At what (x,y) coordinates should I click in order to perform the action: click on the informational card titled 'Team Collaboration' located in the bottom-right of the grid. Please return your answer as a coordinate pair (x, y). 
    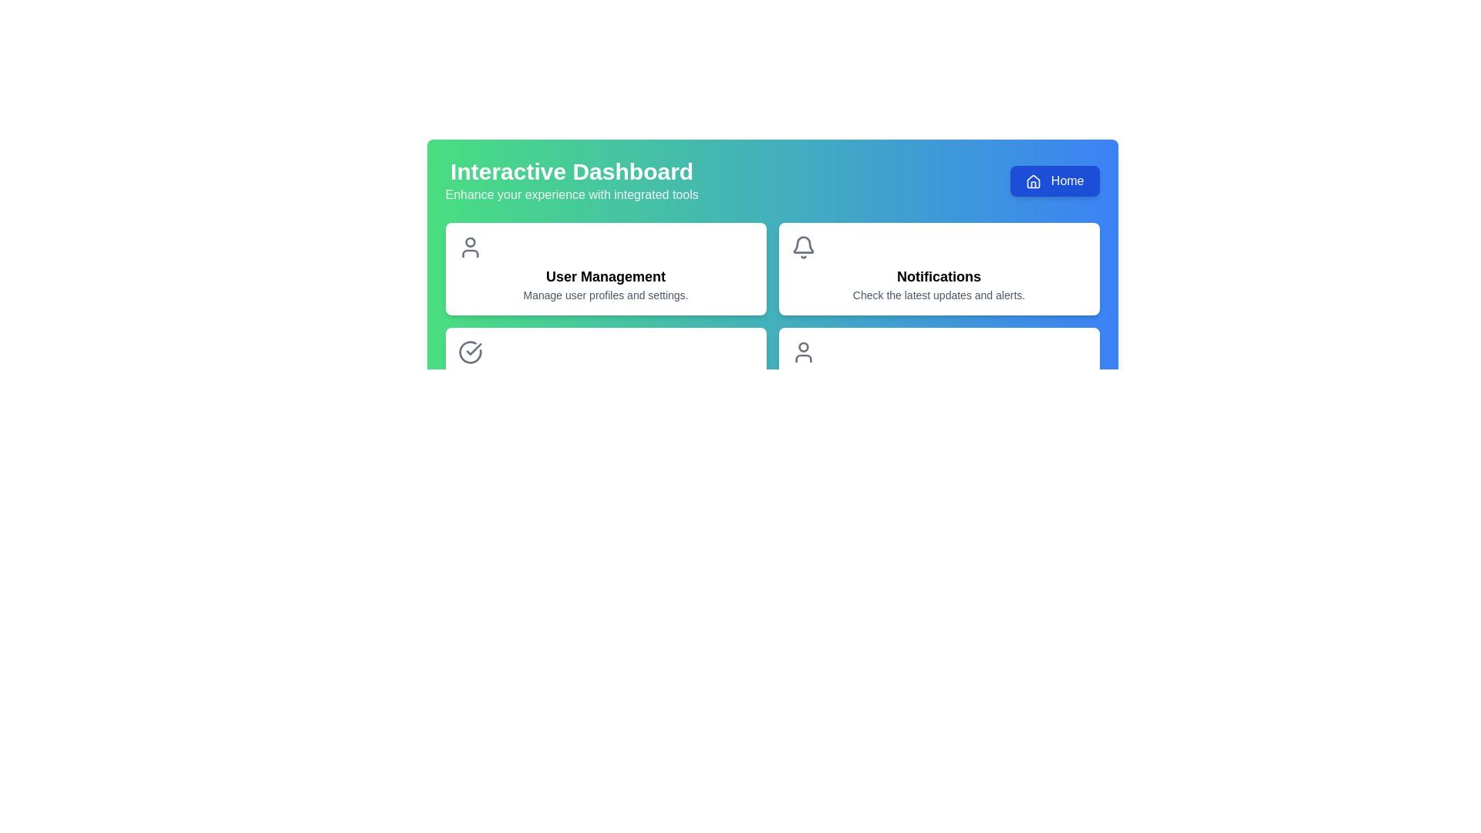
    Looking at the image, I should click on (938, 374).